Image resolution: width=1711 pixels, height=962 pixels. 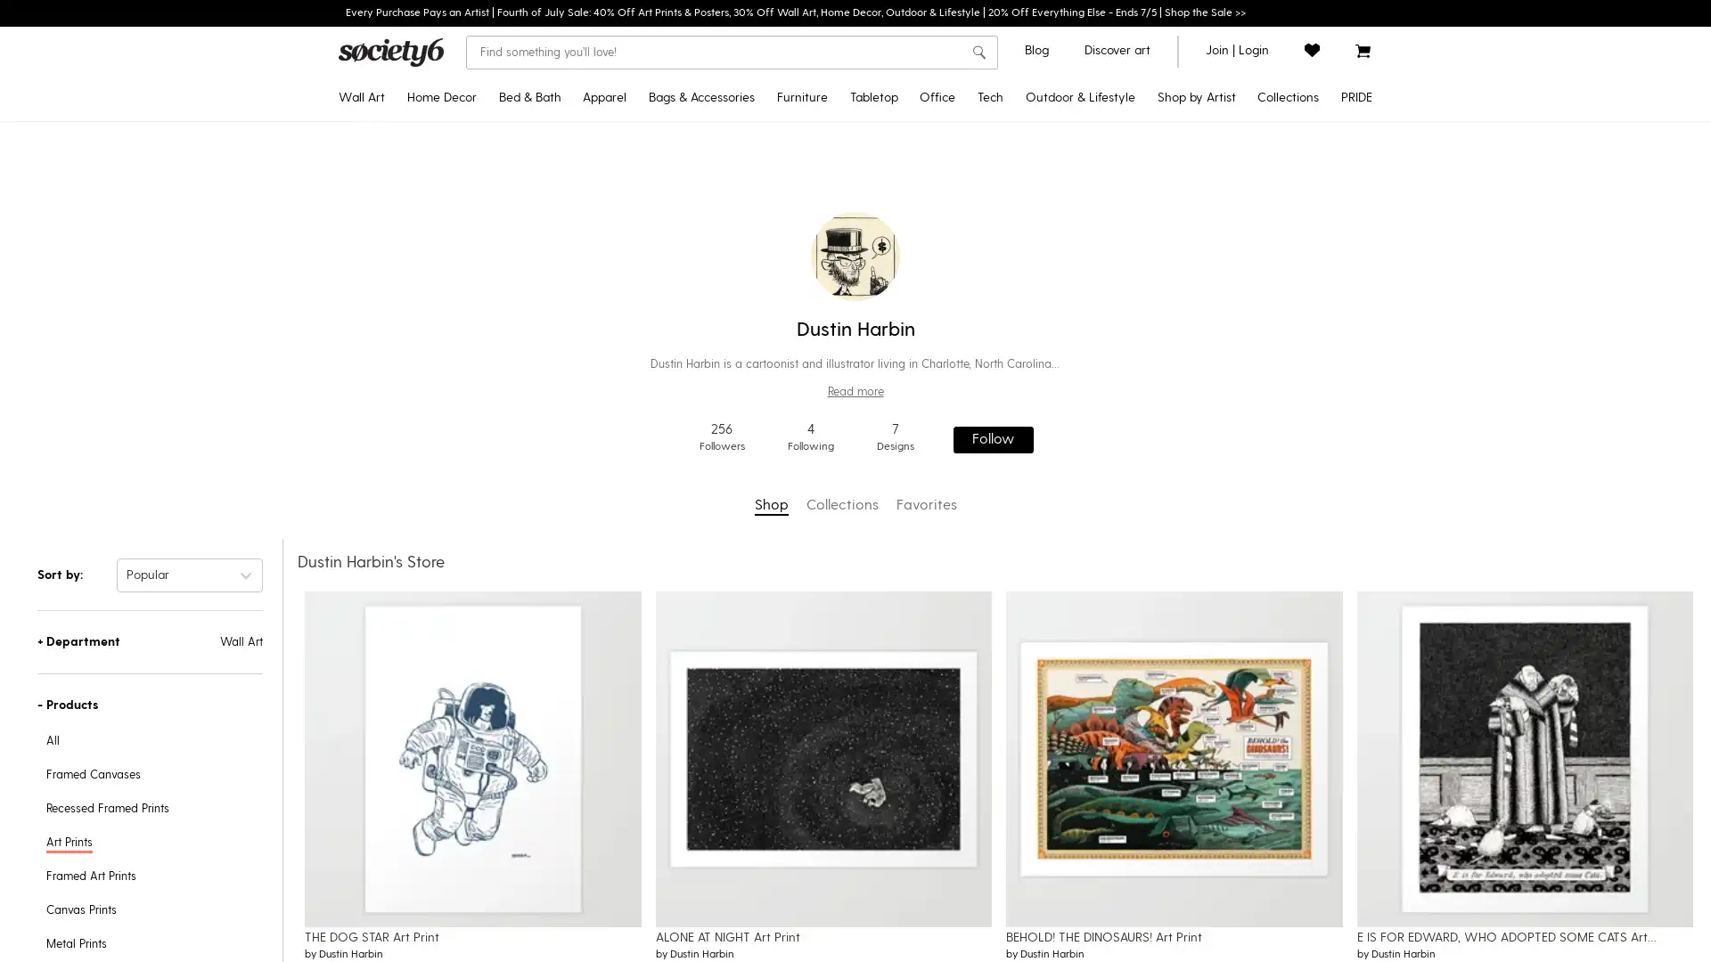 What do you see at coordinates (714, 257) in the screenshot?
I see `Socks` at bounding box center [714, 257].